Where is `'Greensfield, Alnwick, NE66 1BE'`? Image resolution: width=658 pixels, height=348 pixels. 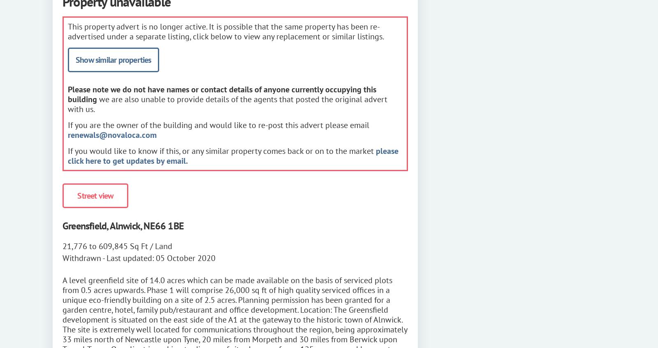 'Greensfield, Alnwick, NE66 1BE' is located at coordinates (123, 225).